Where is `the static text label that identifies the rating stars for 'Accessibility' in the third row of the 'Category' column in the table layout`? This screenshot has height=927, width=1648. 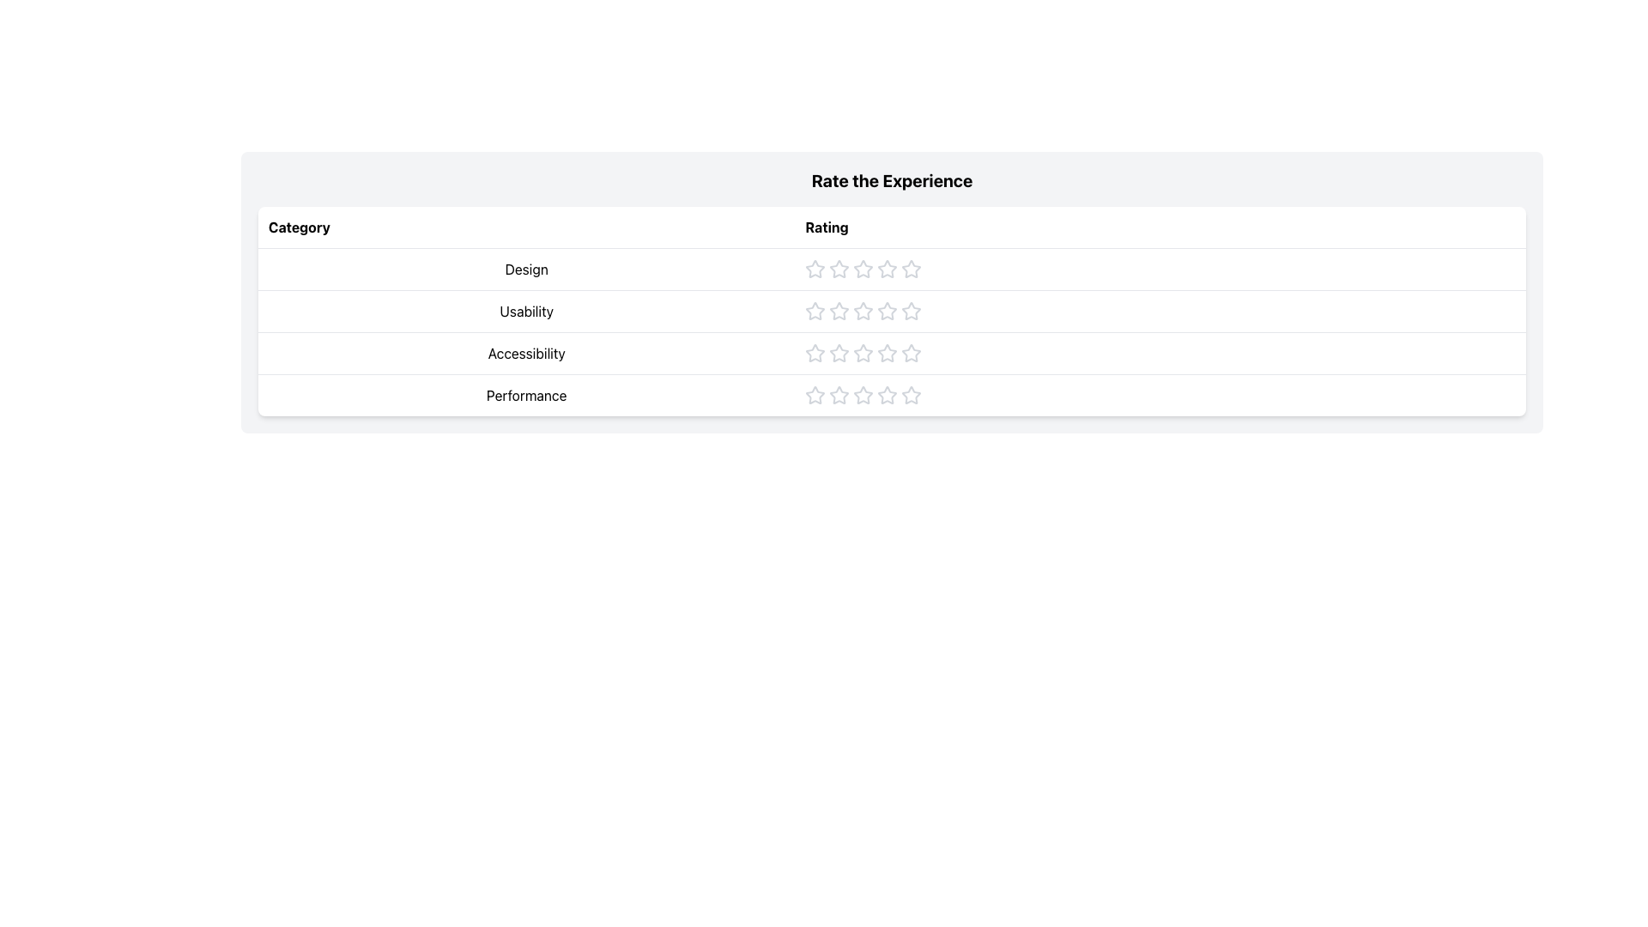
the static text label that identifies the rating stars for 'Accessibility' in the third row of the 'Category' column in the table layout is located at coordinates (525, 353).